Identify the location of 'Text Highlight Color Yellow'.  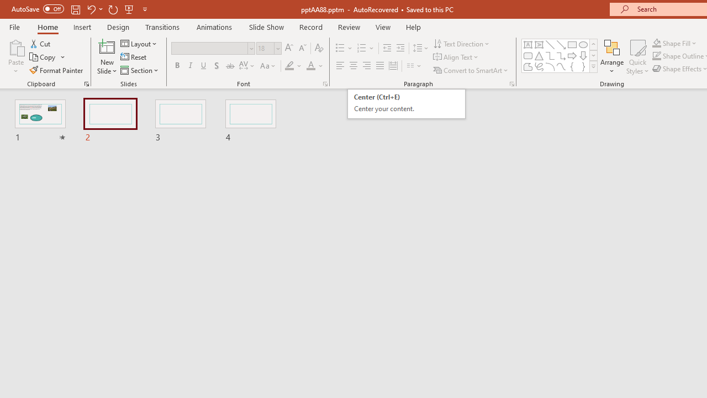
(289, 66).